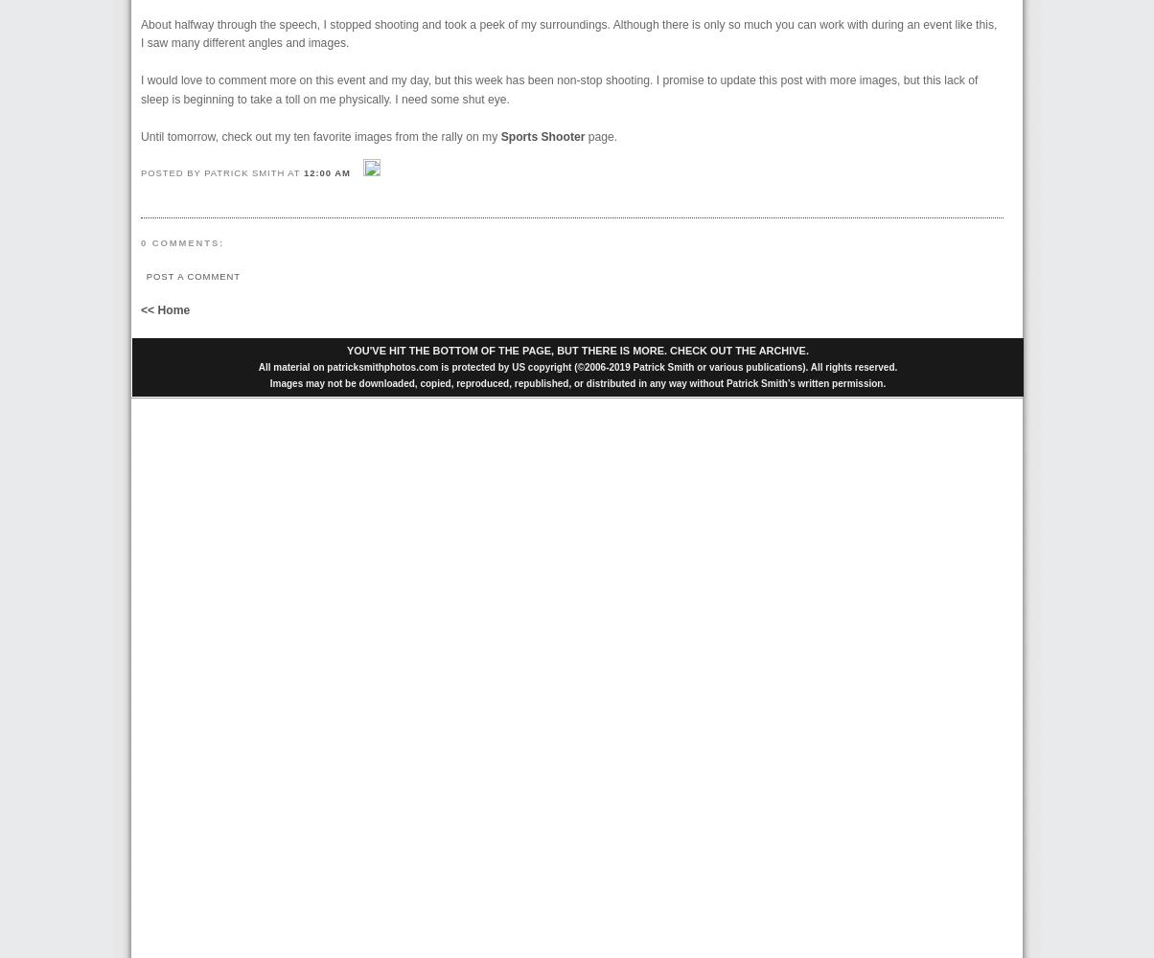 This screenshot has width=1154, height=958. What do you see at coordinates (141, 136) in the screenshot?
I see `'Until tomorrow, check out my ten favorite images from the rally on my'` at bounding box center [141, 136].